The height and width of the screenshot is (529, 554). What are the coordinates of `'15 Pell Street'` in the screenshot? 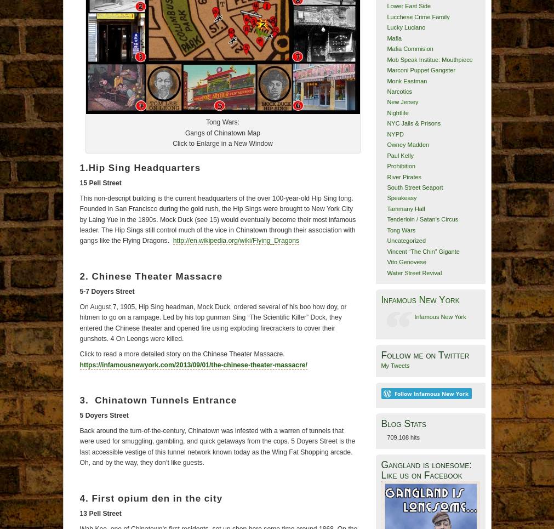 It's located at (78, 182).